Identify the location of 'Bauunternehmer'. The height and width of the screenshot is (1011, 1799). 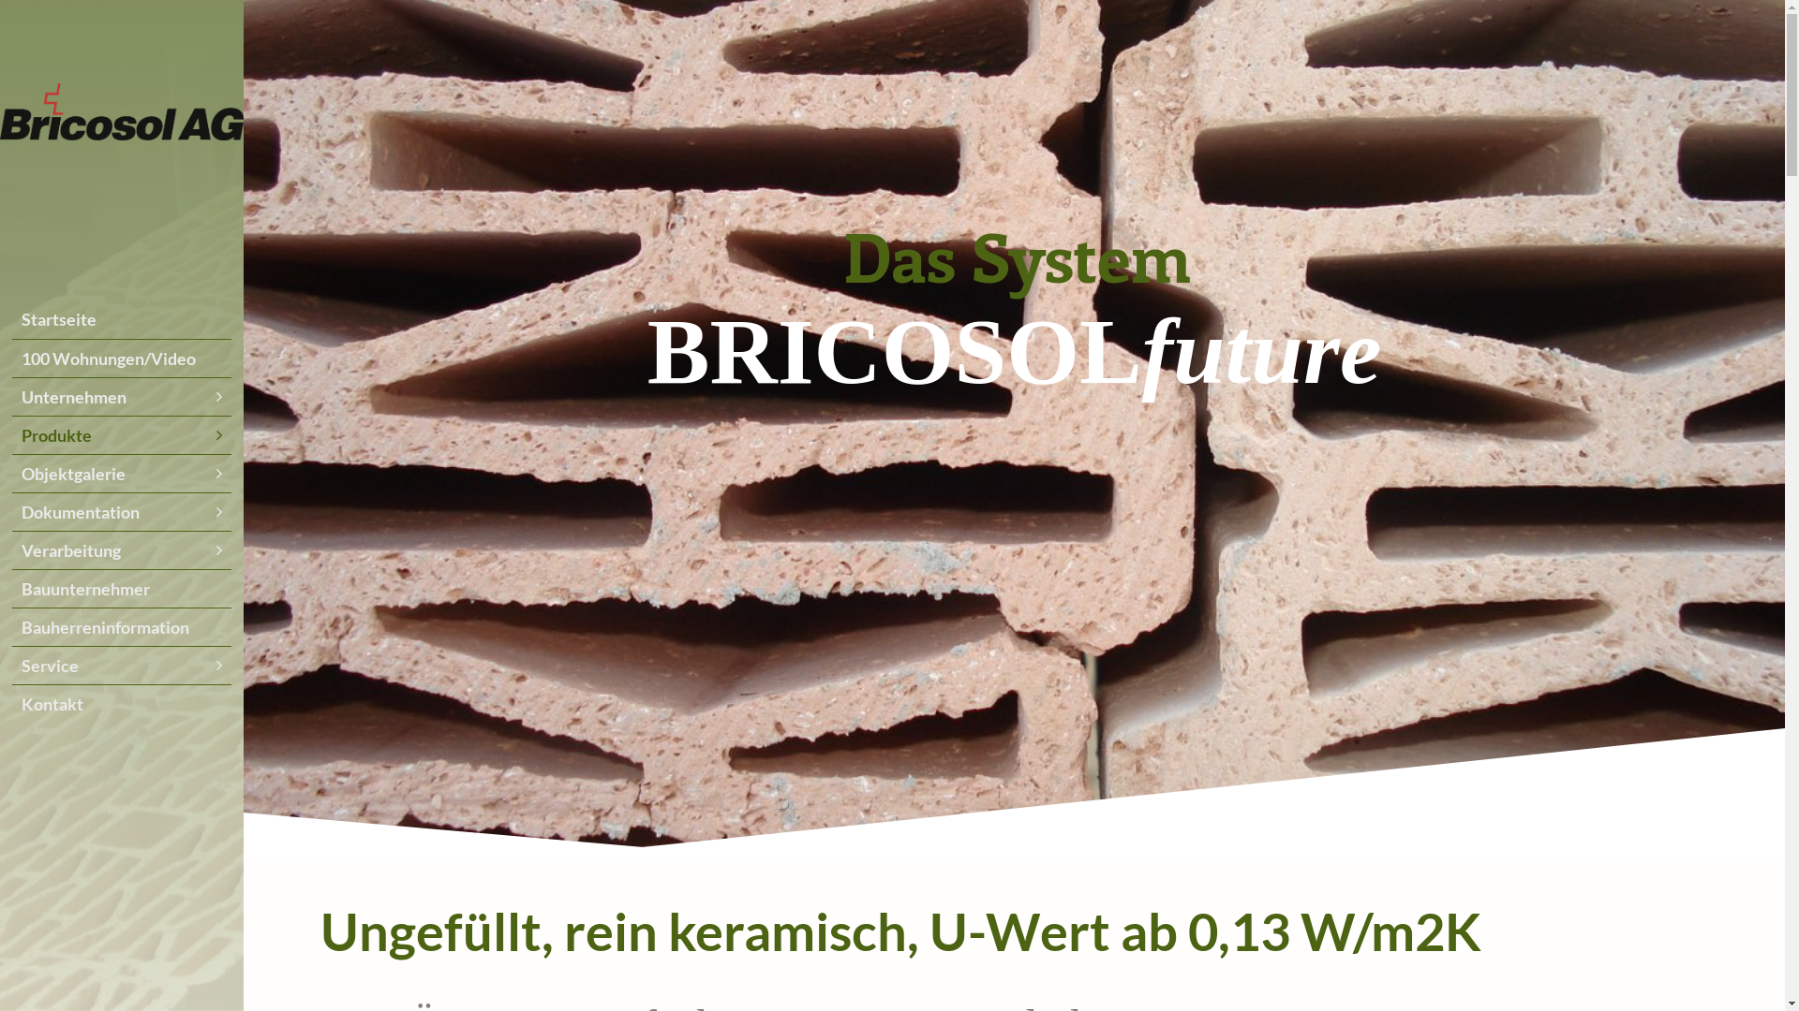
(12, 587).